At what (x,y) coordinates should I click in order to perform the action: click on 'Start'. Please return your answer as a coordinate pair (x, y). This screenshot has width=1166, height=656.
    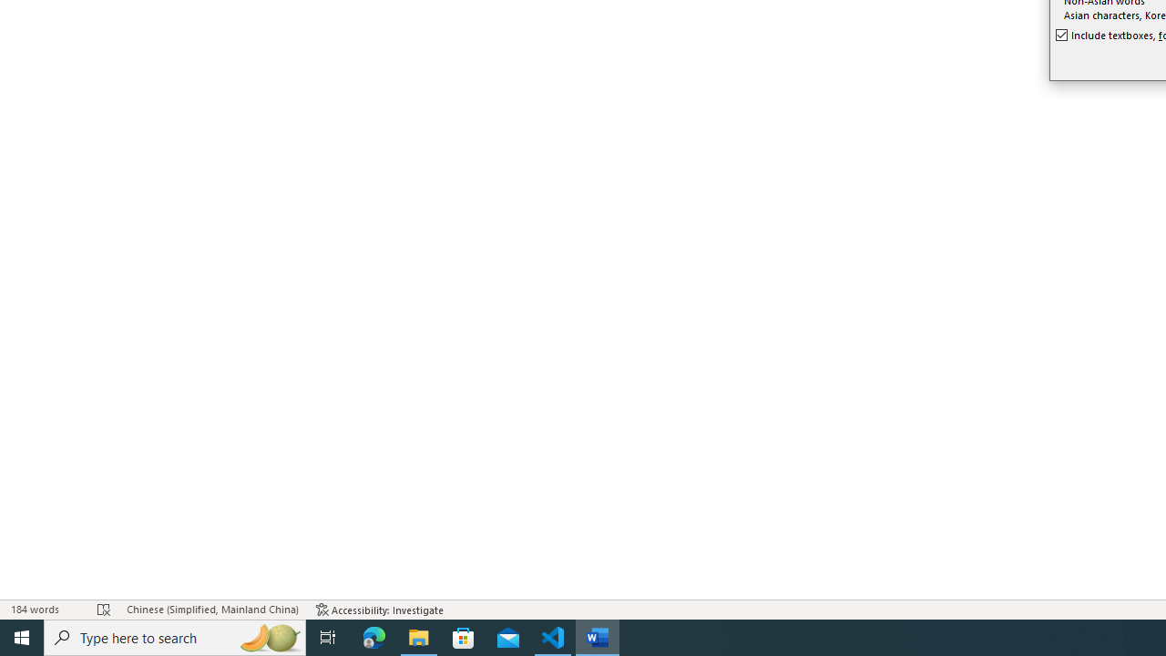
    Looking at the image, I should click on (22, 636).